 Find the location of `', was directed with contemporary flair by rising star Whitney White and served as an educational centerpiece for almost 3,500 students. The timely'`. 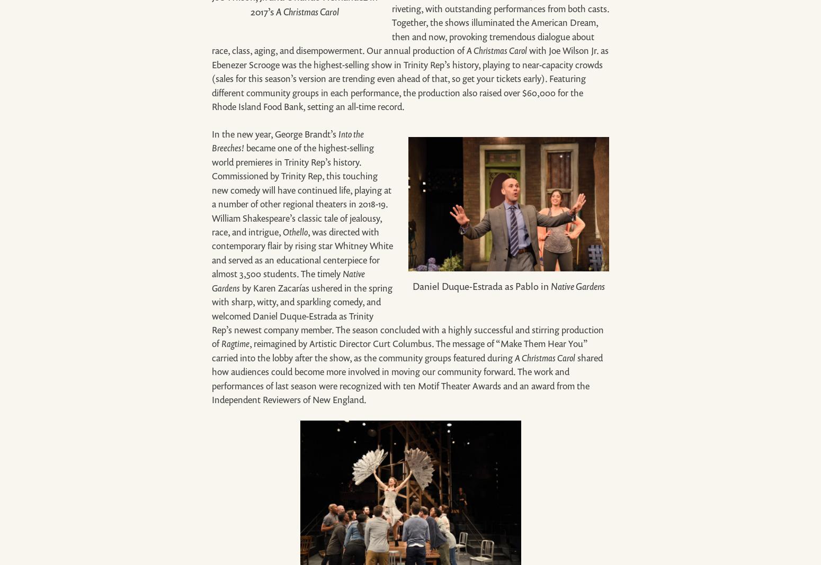

', was directed with contemporary flair by rising star Whitney White and served as an educational centerpiece for almost 3,500 students. The timely' is located at coordinates (302, 252).